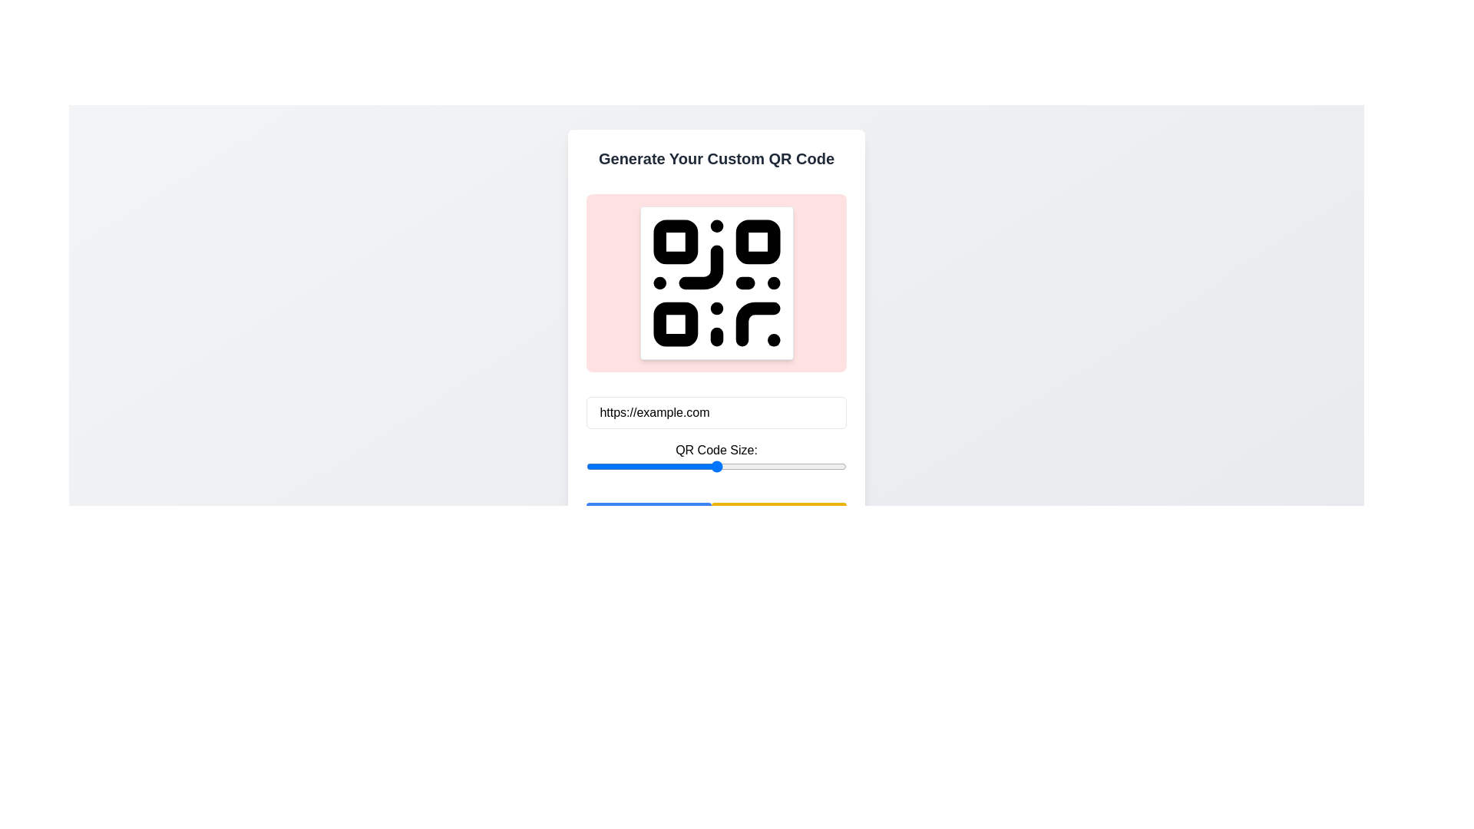 The width and height of the screenshot is (1474, 829). I want to click on the QR code size, so click(788, 466).